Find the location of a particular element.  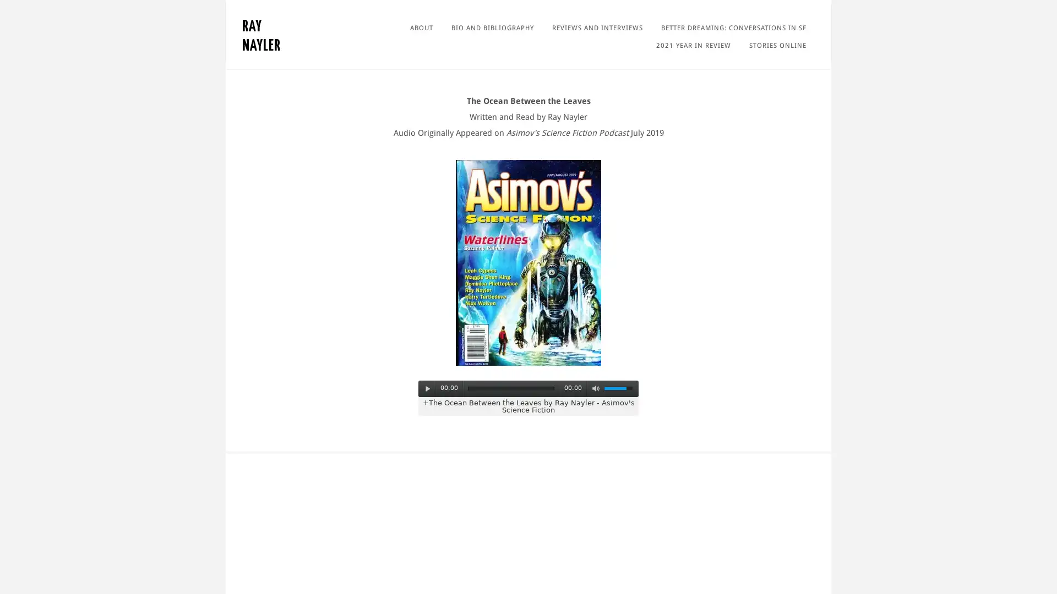

Mute Toggle is located at coordinates (595, 388).